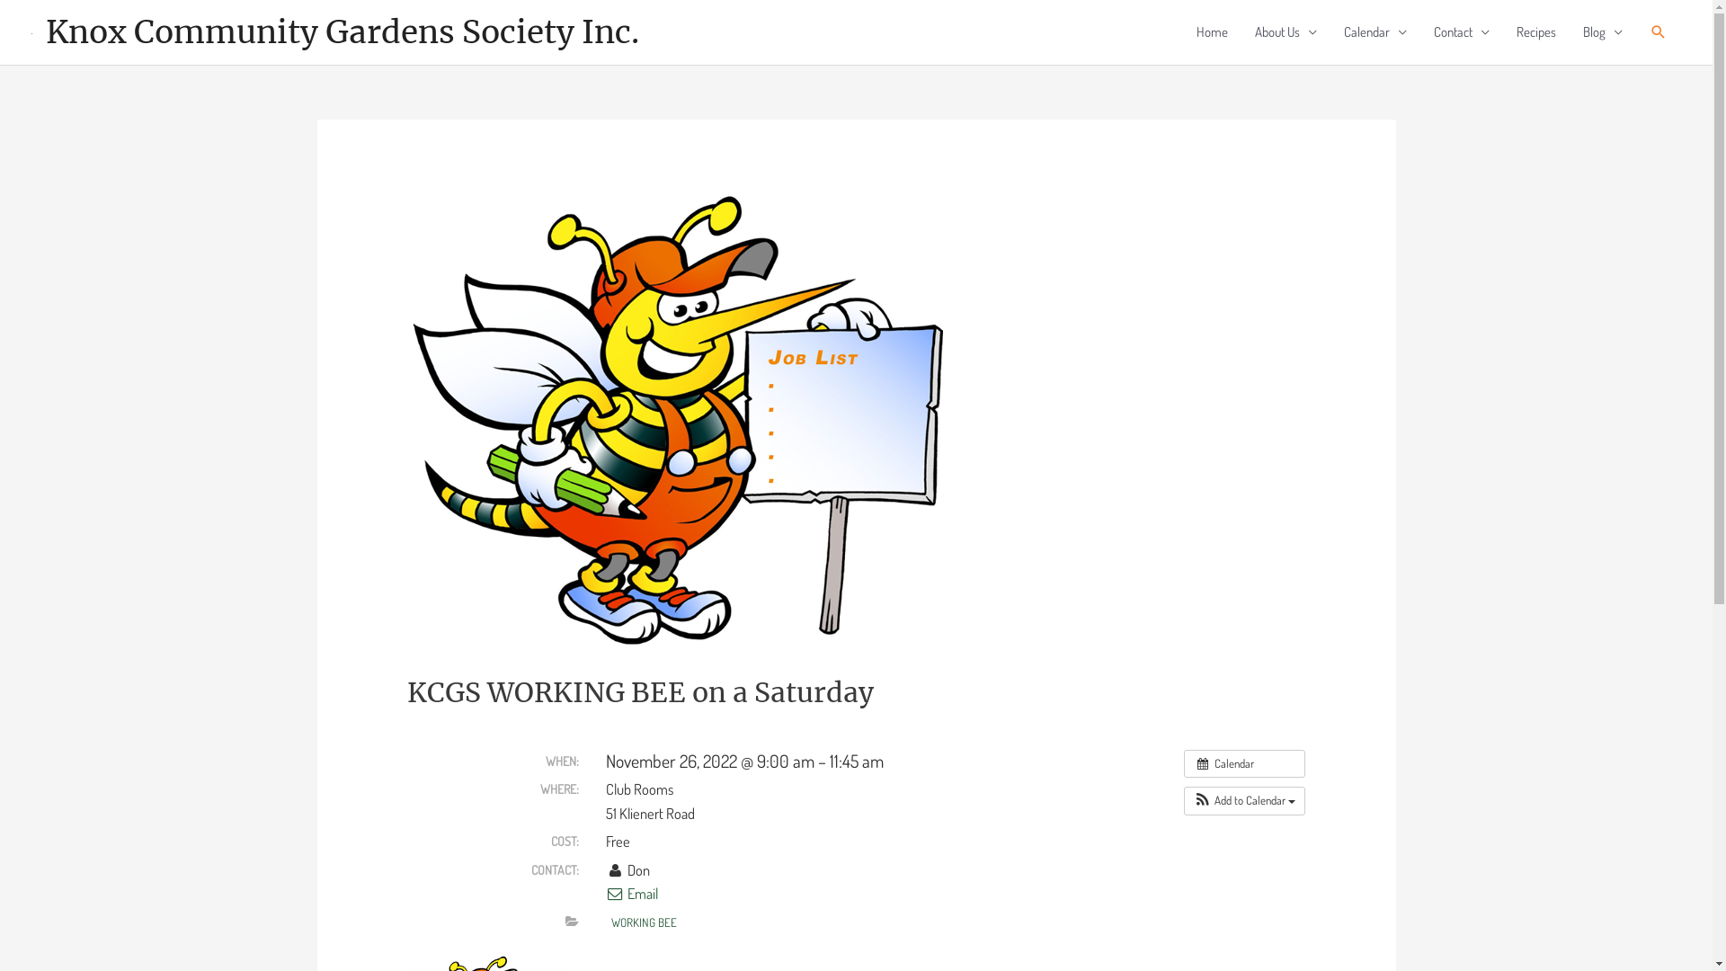  Describe the element at coordinates (644, 922) in the screenshot. I see `'WORKING BEE'` at that location.